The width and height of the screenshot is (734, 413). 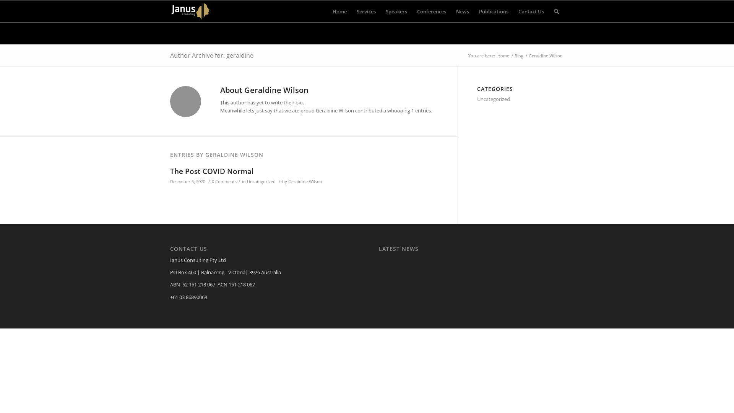 What do you see at coordinates (305, 181) in the screenshot?
I see `'Geraldine Wilson'` at bounding box center [305, 181].